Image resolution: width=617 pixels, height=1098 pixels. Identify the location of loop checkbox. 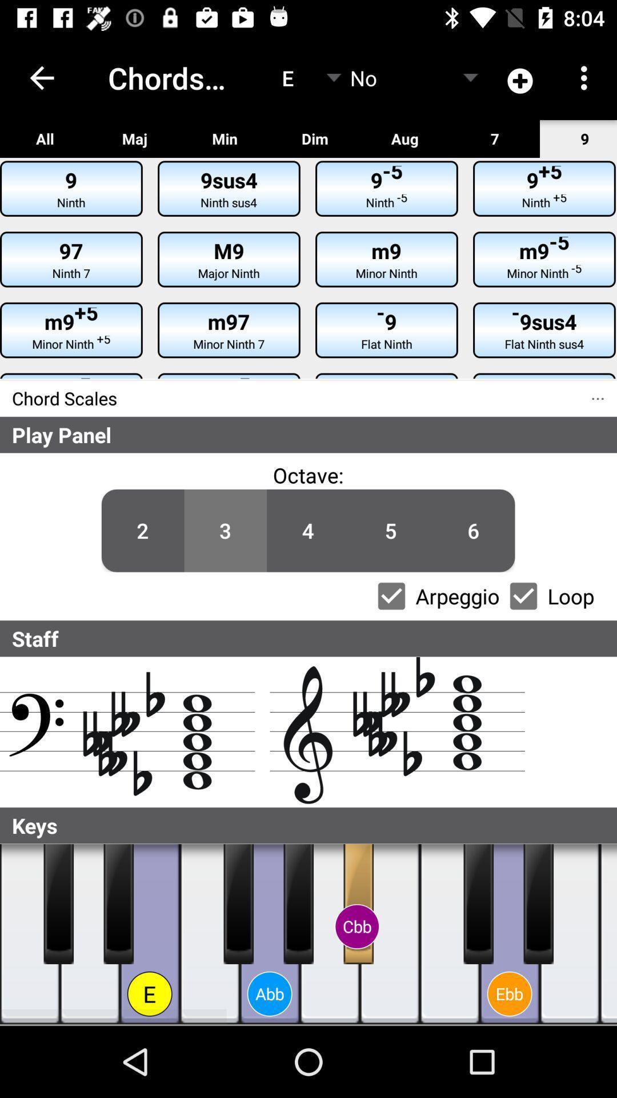
(523, 595).